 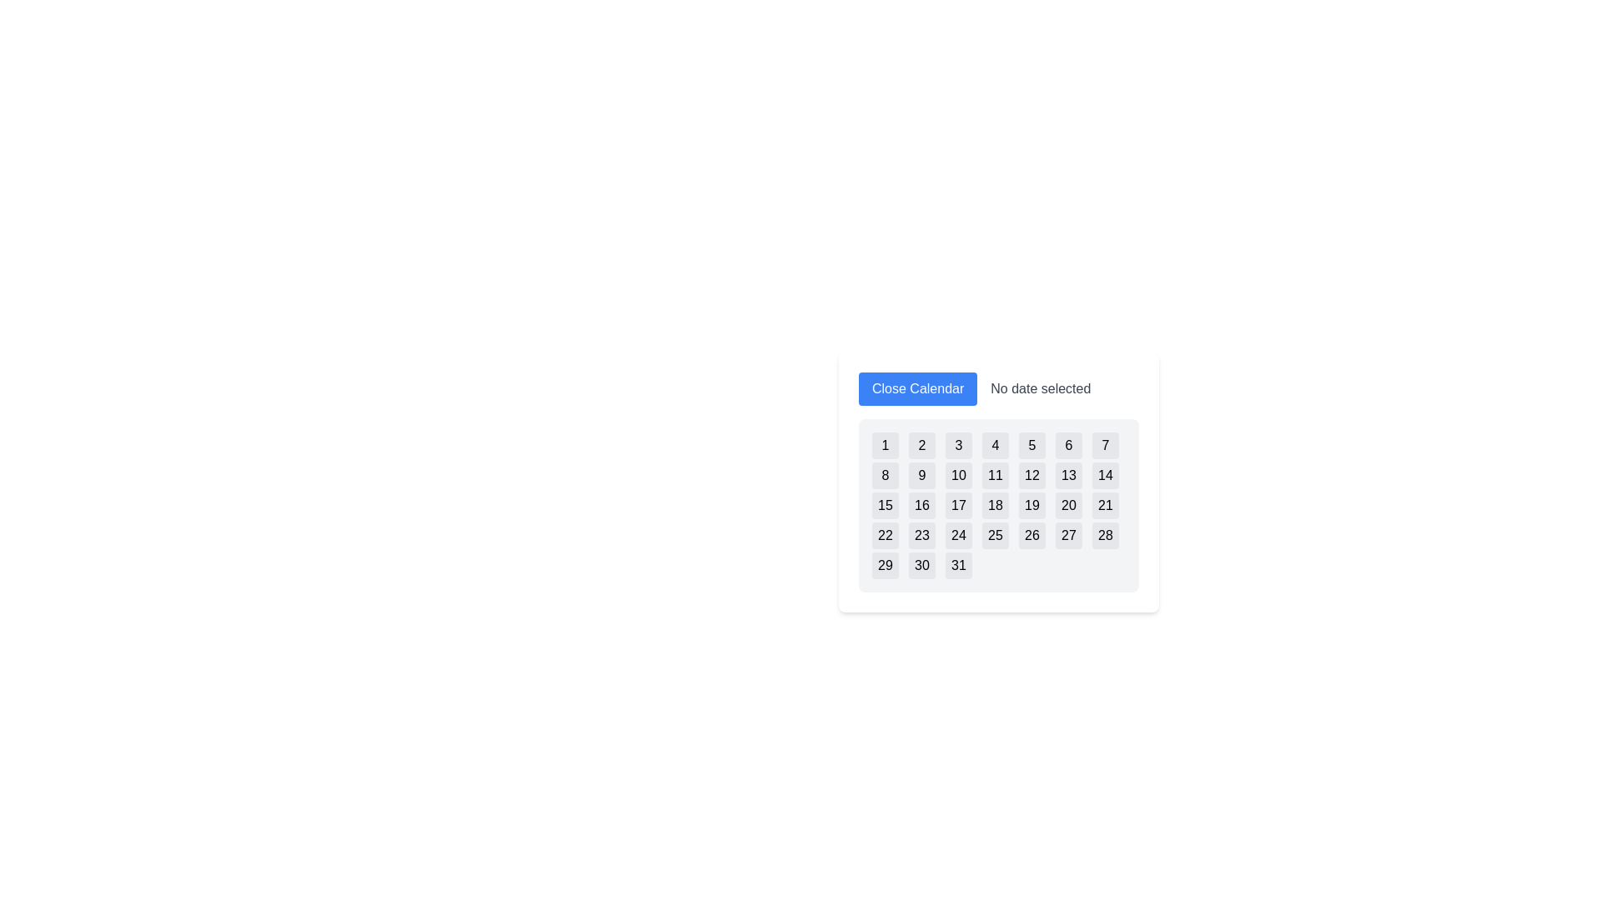 I want to click on the interactive day selector button located in the bottom row of the calendar grid, seventh column, so click(x=1105, y=536).